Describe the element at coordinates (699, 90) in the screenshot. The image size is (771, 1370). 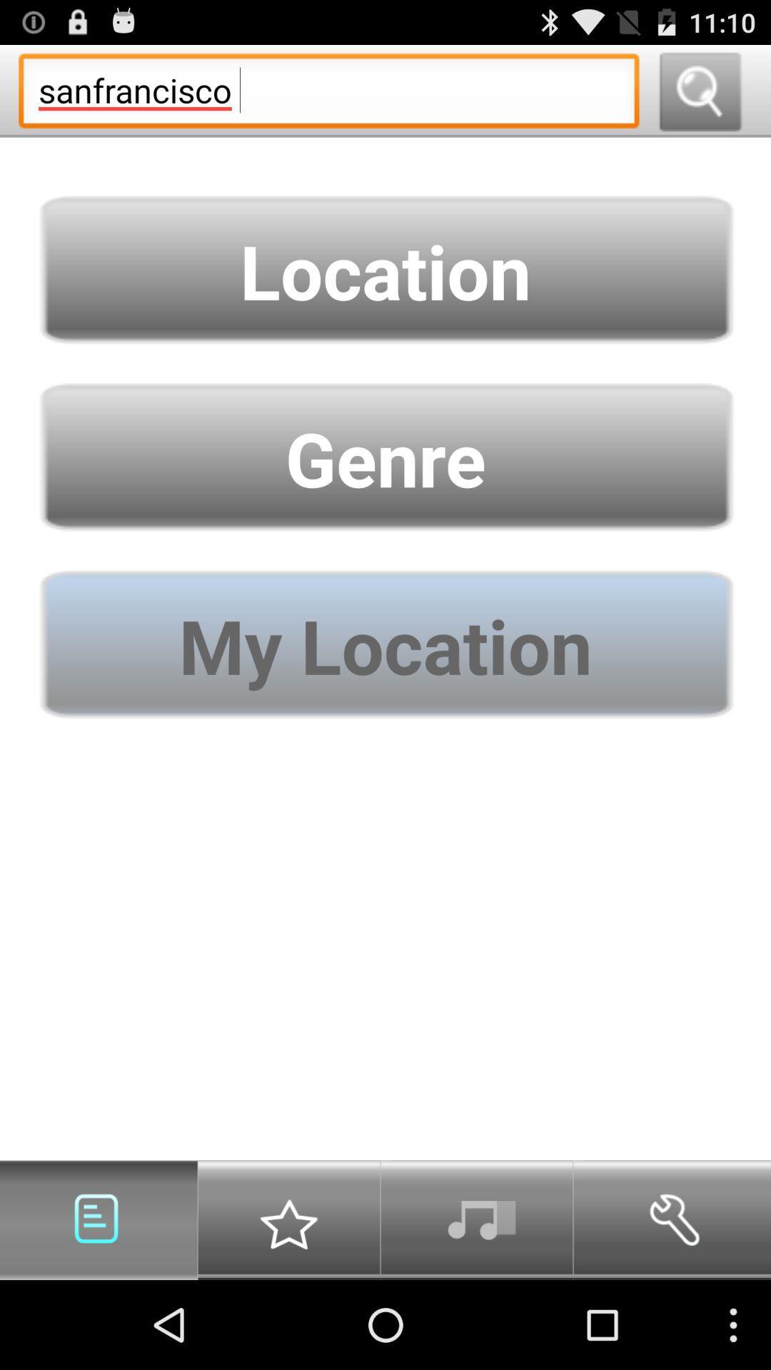
I see `search button` at that location.